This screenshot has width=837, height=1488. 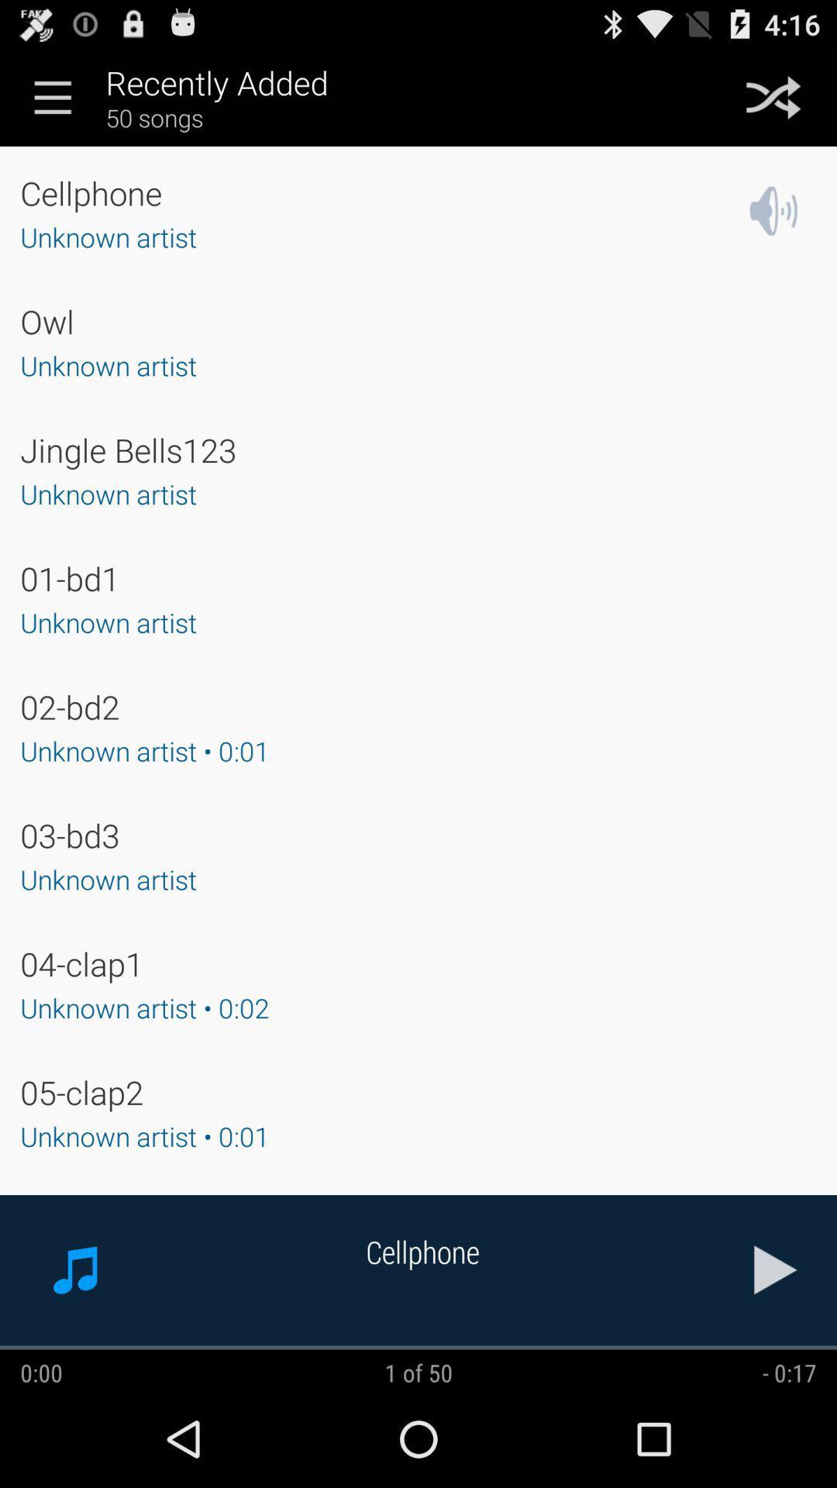 What do you see at coordinates (52, 96) in the screenshot?
I see `the item to the left of recently added icon` at bounding box center [52, 96].